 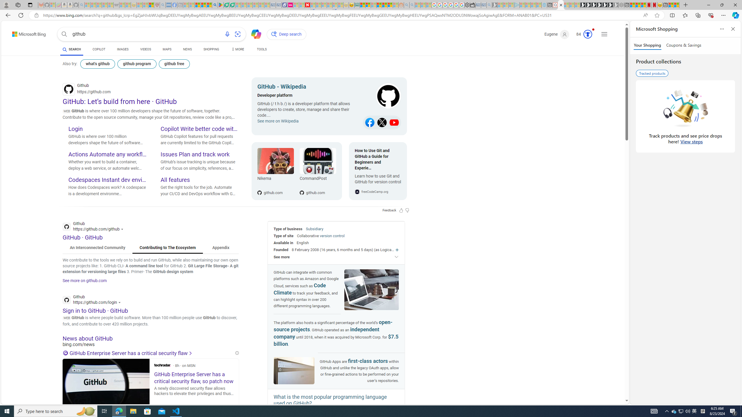 What do you see at coordinates (261, 49) in the screenshot?
I see `'TOOLS'` at bounding box center [261, 49].